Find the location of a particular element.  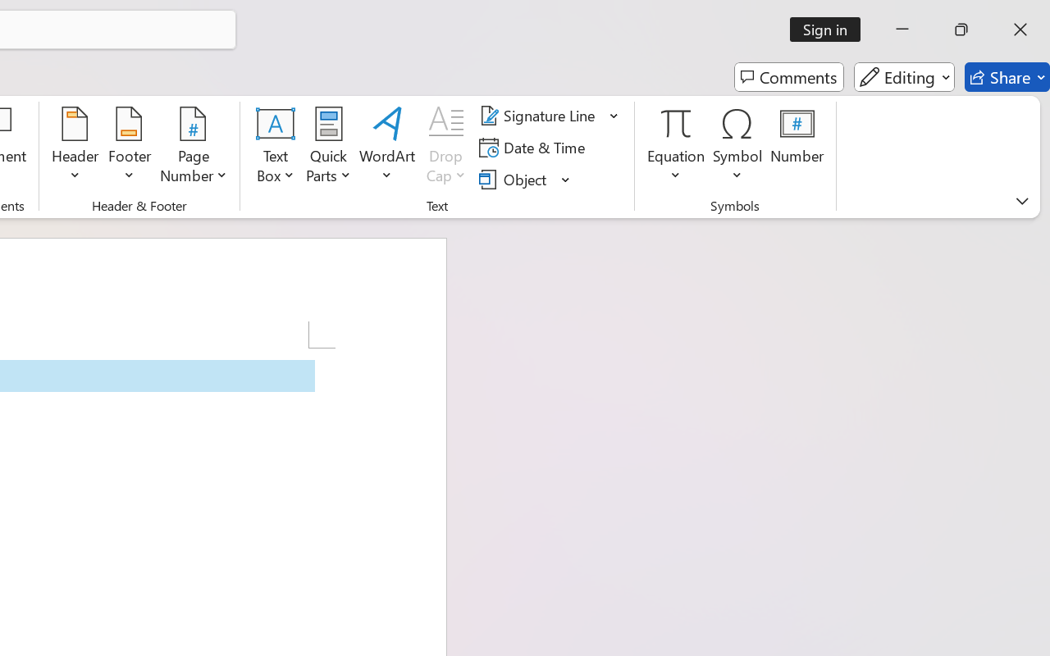

'Signature Line' is located at coordinates (550, 116).